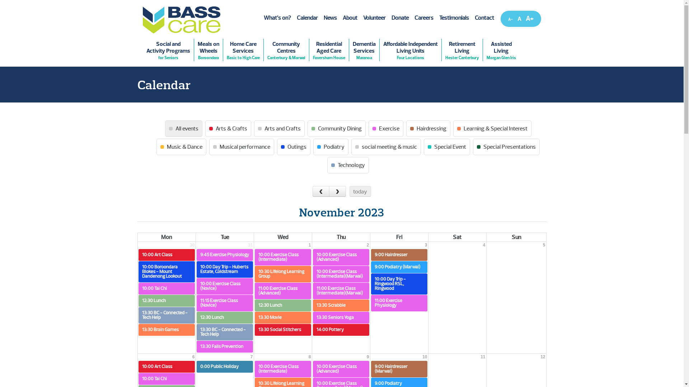 This screenshot has height=387, width=689. I want to click on 'A', so click(524, 18).